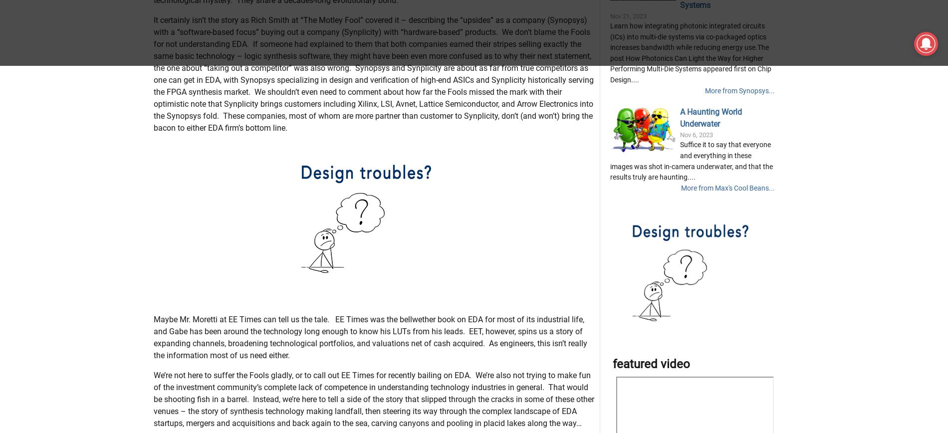 The image size is (948, 433). I want to click on 'A Haunting World Underwater', so click(710, 168).